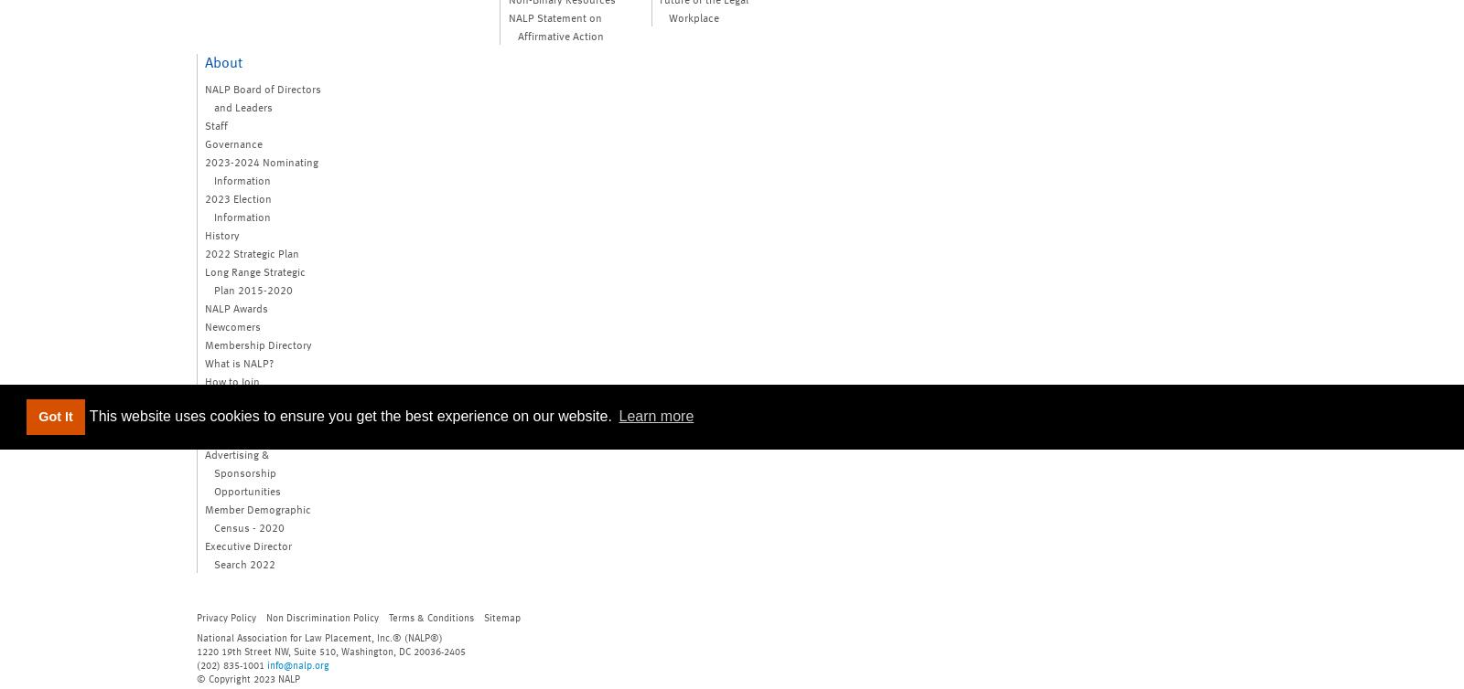 This screenshot has height=689, width=1464. I want to click on 'Executive Director Search 2022', so click(248, 552).